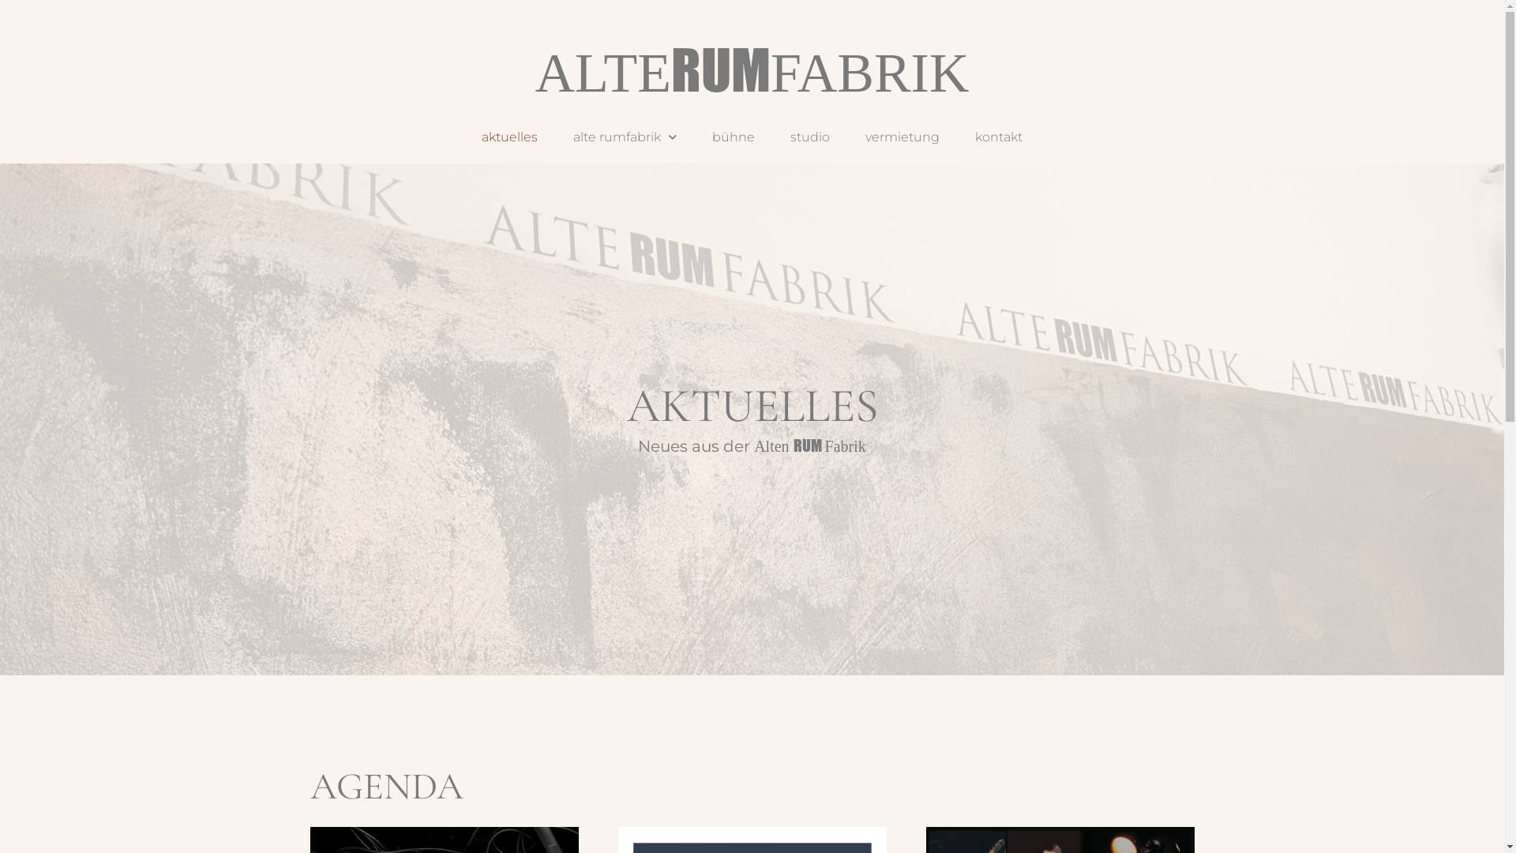 This screenshot has width=1516, height=853. I want to click on 'aktuelles', so click(509, 136).